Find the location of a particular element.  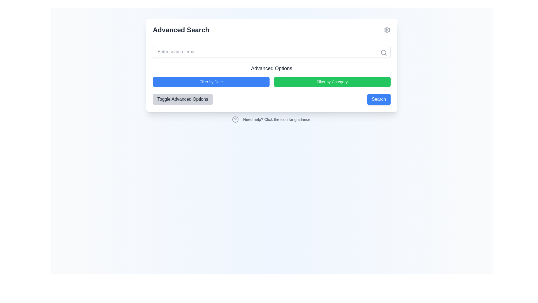

the button labeled 'Filter by Category' with a green background for keyboard navigation is located at coordinates (332, 82).